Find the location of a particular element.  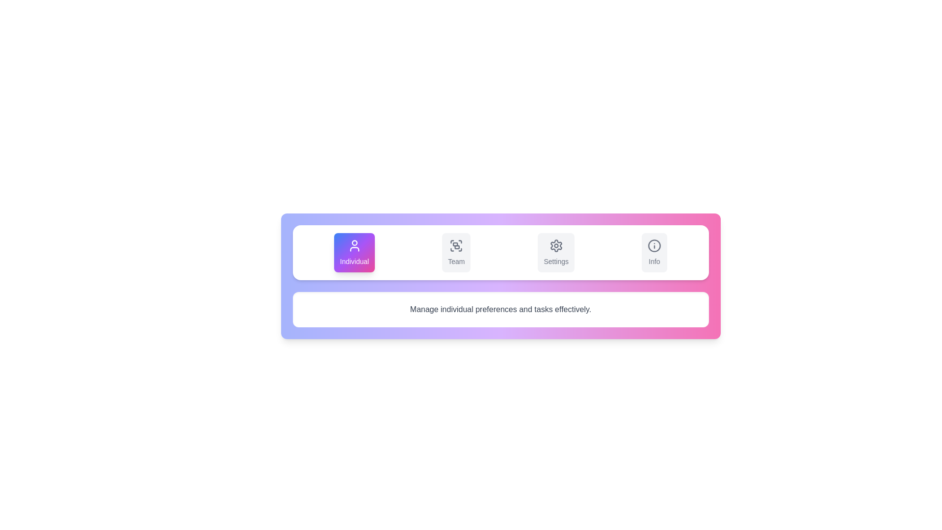

'Team' text label, which is styled in gray with a medium weight, located beneath a group icon in the second button of a horizontal menu is located at coordinates (456, 261).